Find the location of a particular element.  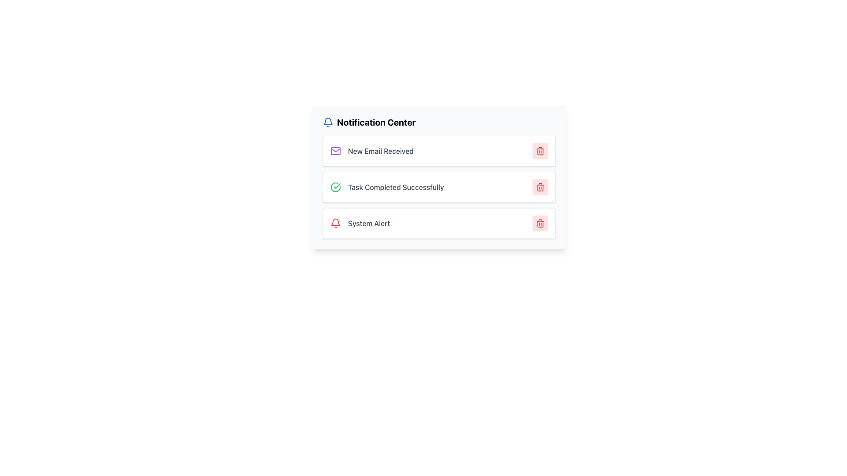

the static text label that serves as a notification title, located to the right of a red bell-shaped icon in the notification list is located at coordinates (369, 223).